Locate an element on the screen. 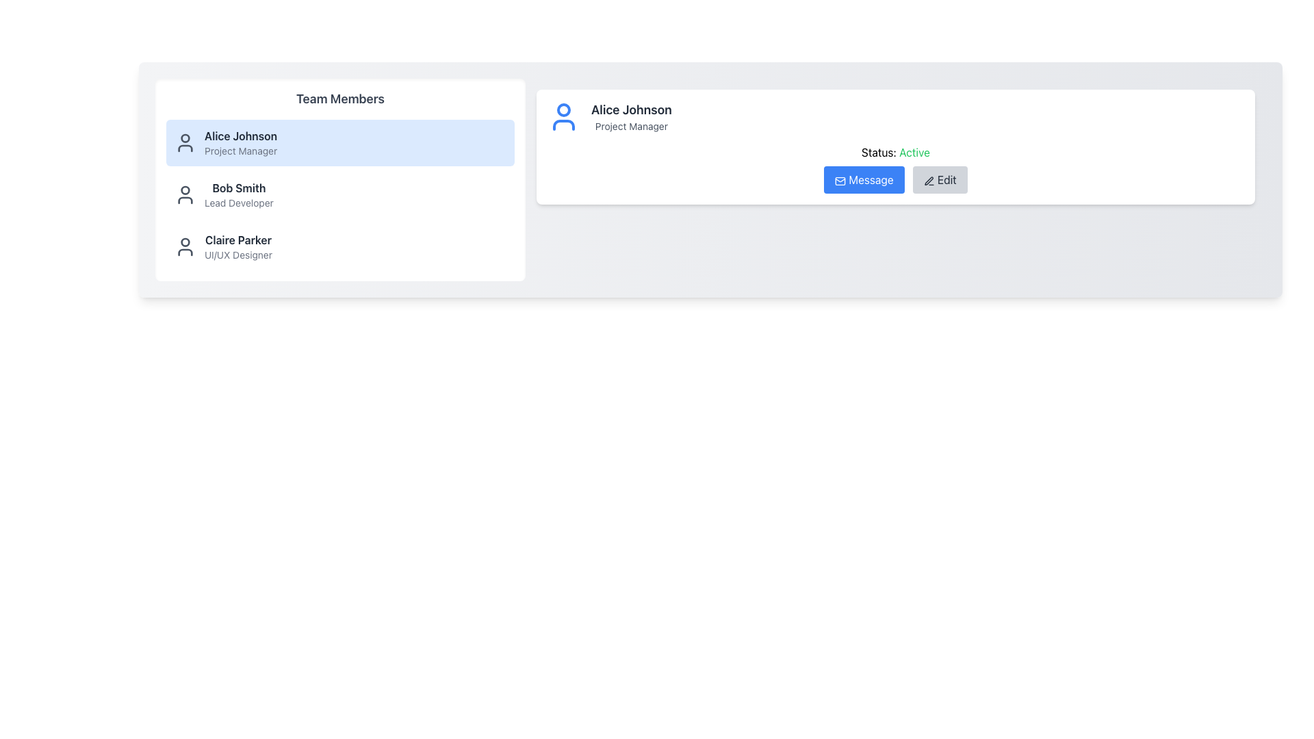 The height and width of the screenshot is (739, 1314). the text label displaying 'Alice Johnson', which shows the designation 'Project Manager' and is located at the top of the team members list is located at coordinates (240, 142).